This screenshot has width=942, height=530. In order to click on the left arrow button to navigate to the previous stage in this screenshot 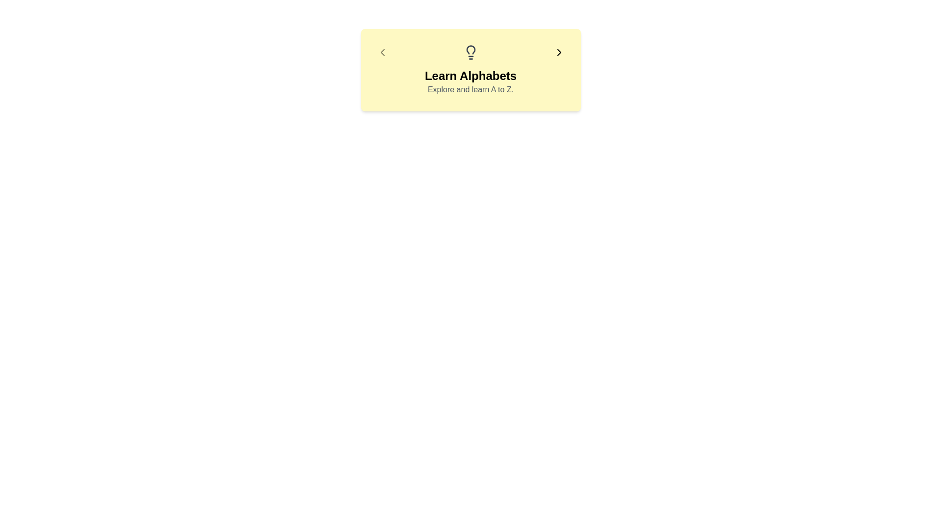, I will do `click(382, 53)`.